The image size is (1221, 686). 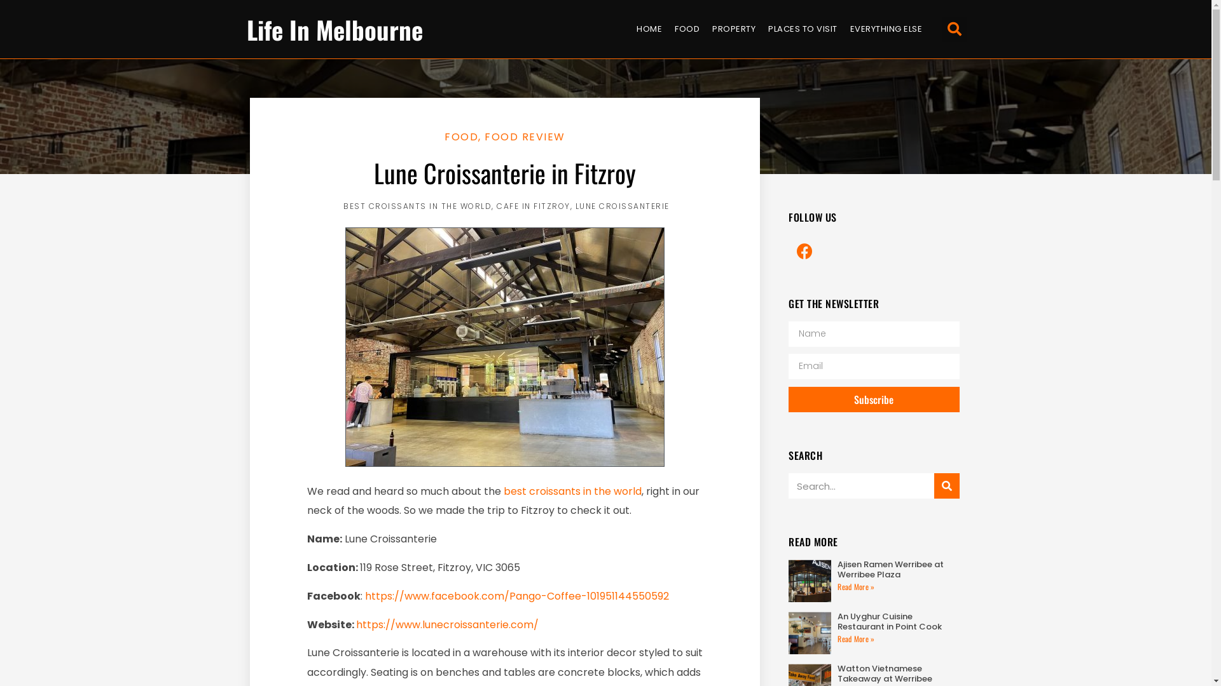 I want to click on 'LUNE CROISSANTERIE', so click(x=623, y=205).